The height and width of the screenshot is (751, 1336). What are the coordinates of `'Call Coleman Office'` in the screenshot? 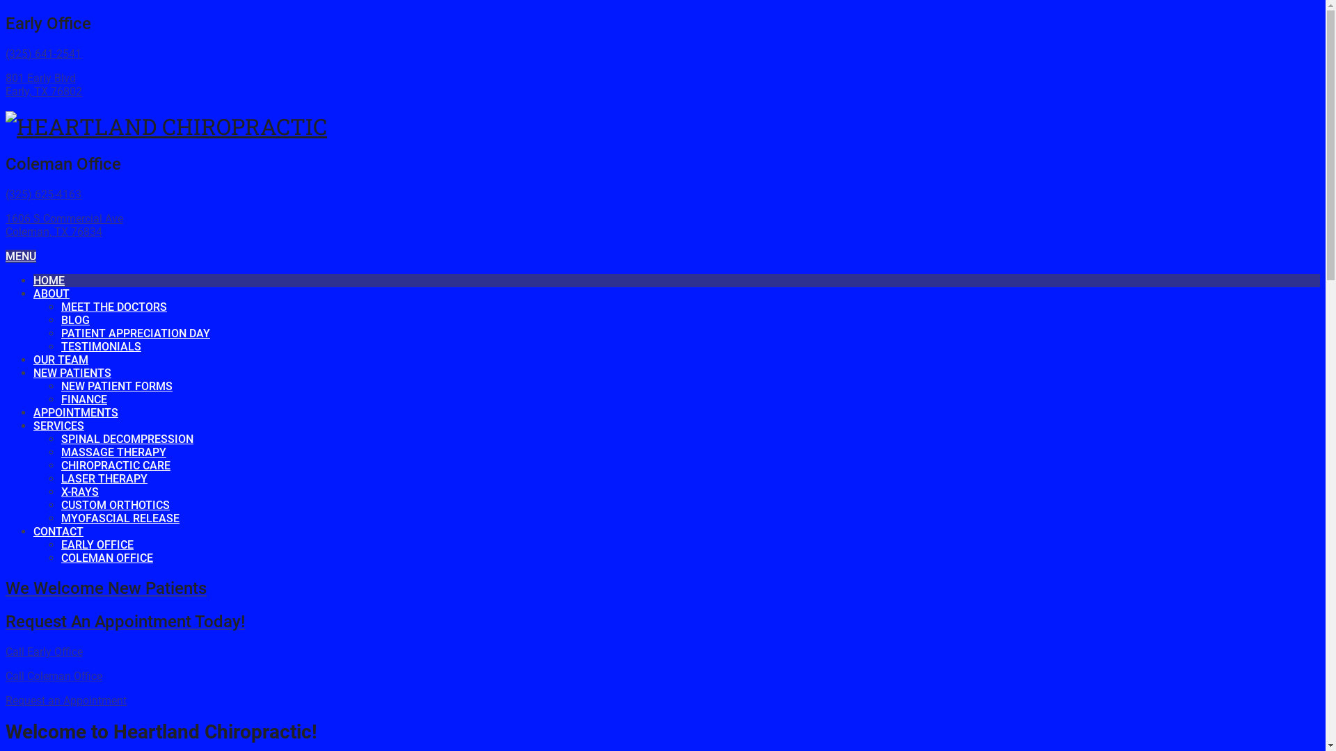 It's located at (6, 675).